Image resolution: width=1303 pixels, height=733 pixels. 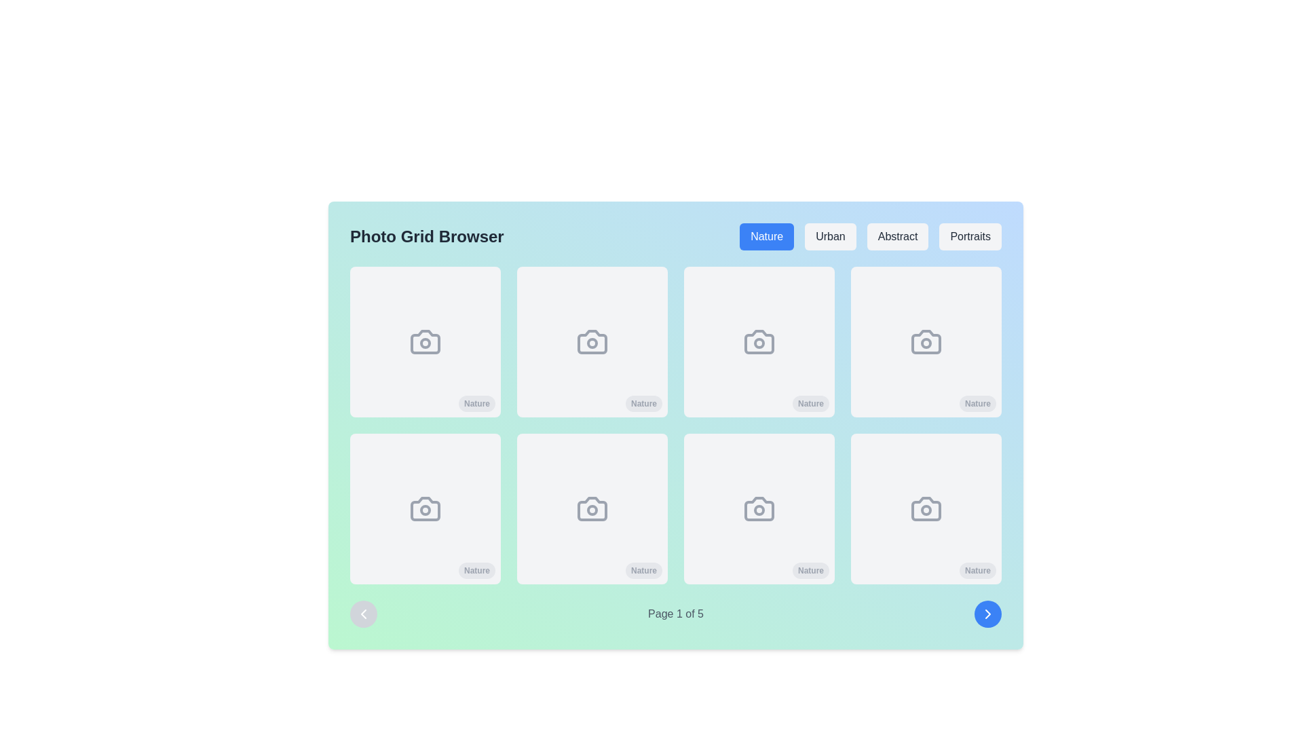 I want to click on the right-chevron icon inside the blue circular button located at the bottom-right corner of the interface, so click(x=987, y=614).